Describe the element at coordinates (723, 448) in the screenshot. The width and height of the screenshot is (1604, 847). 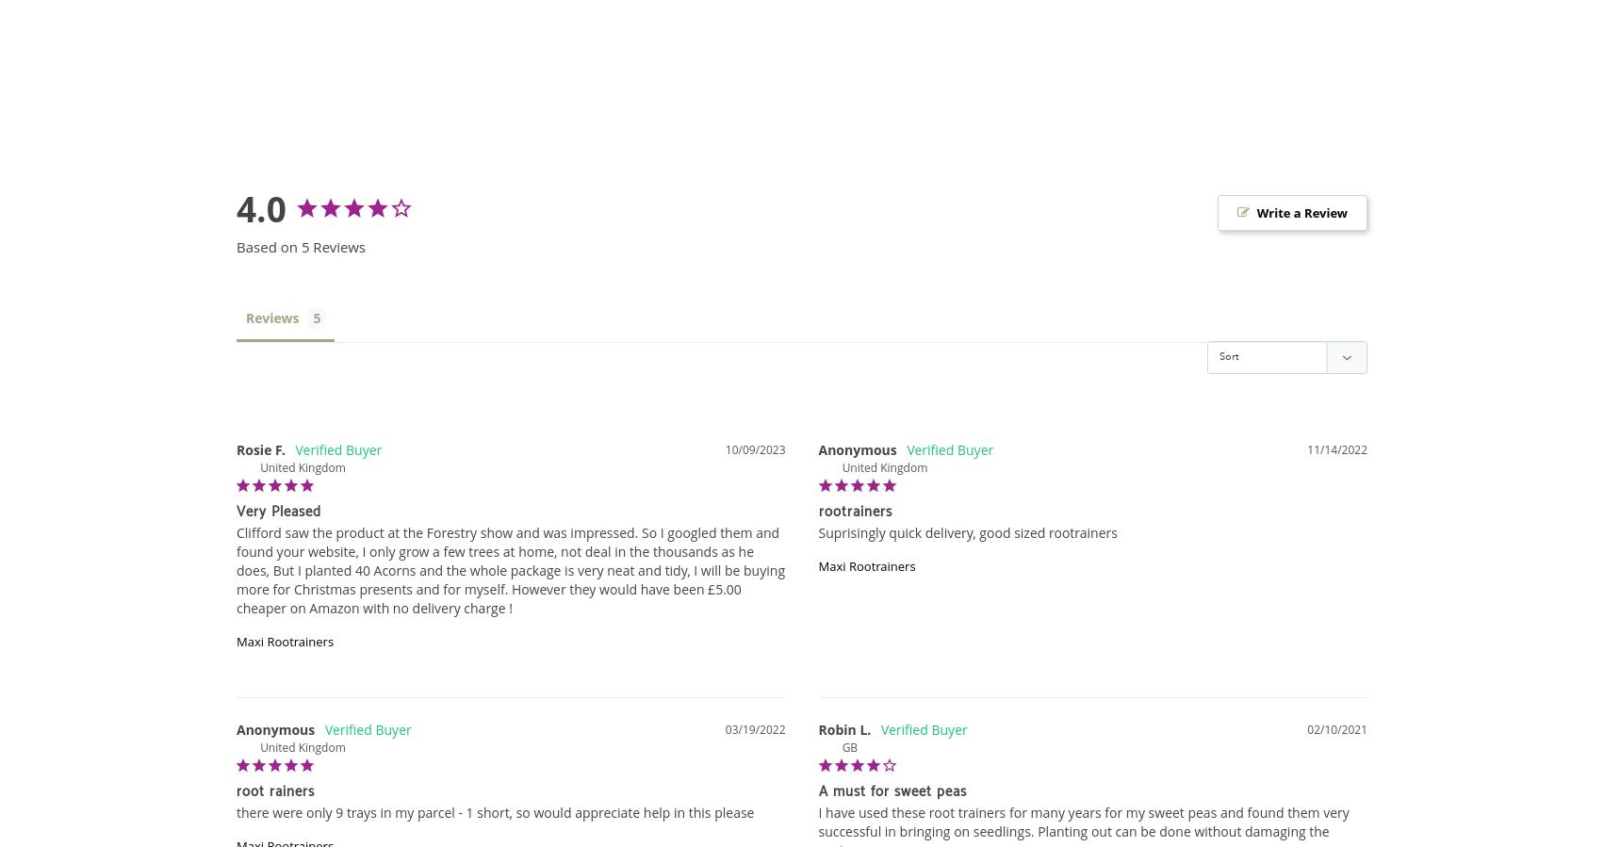
I see `'10/09/2023'` at that location.